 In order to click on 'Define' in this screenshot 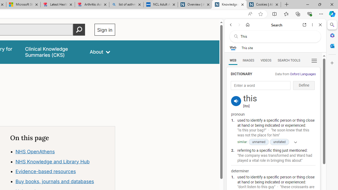, I will do `click(304, 85)`.